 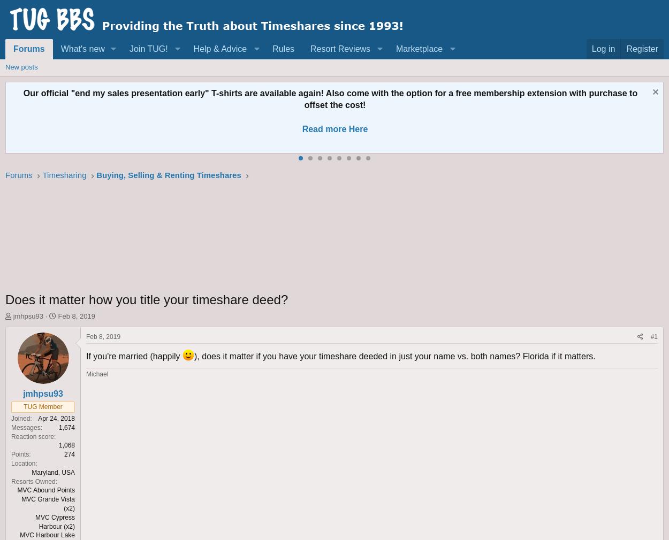 What do you see at coordinates (33, 481) in the screenshot?
I see `'Resorts Owned'` at bounding box center [33, 481].